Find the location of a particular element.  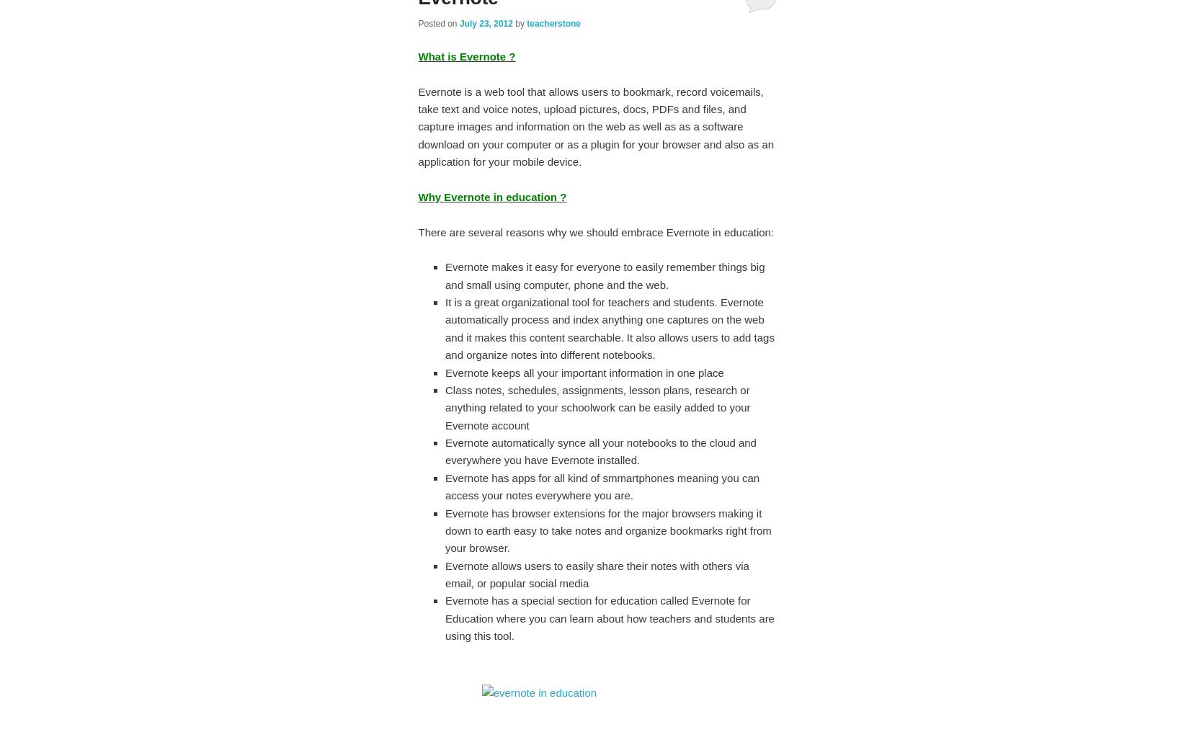

'It is a great organizational tool for teachers and students. Evernote automatically process and index anything one captures on the web and it makes this content searchable. It also allows users to add tags and organize notes into different notebooks.' is located at coordinates (610, 329).